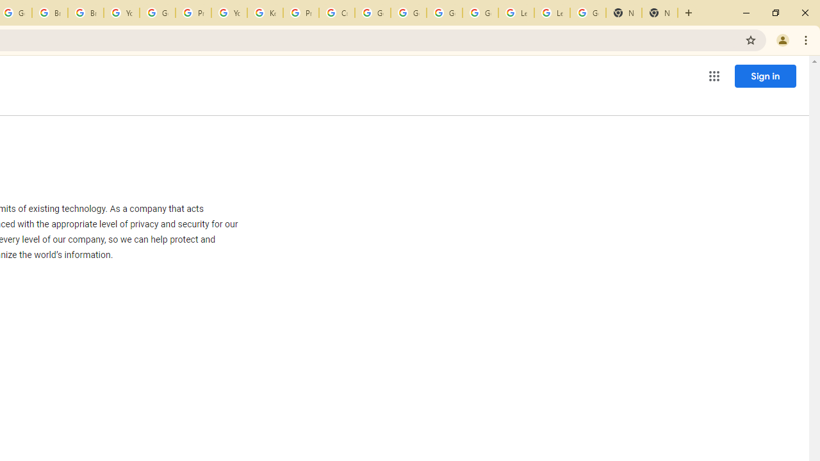  I want to click on 'Google Account Help', so click(156, 13).